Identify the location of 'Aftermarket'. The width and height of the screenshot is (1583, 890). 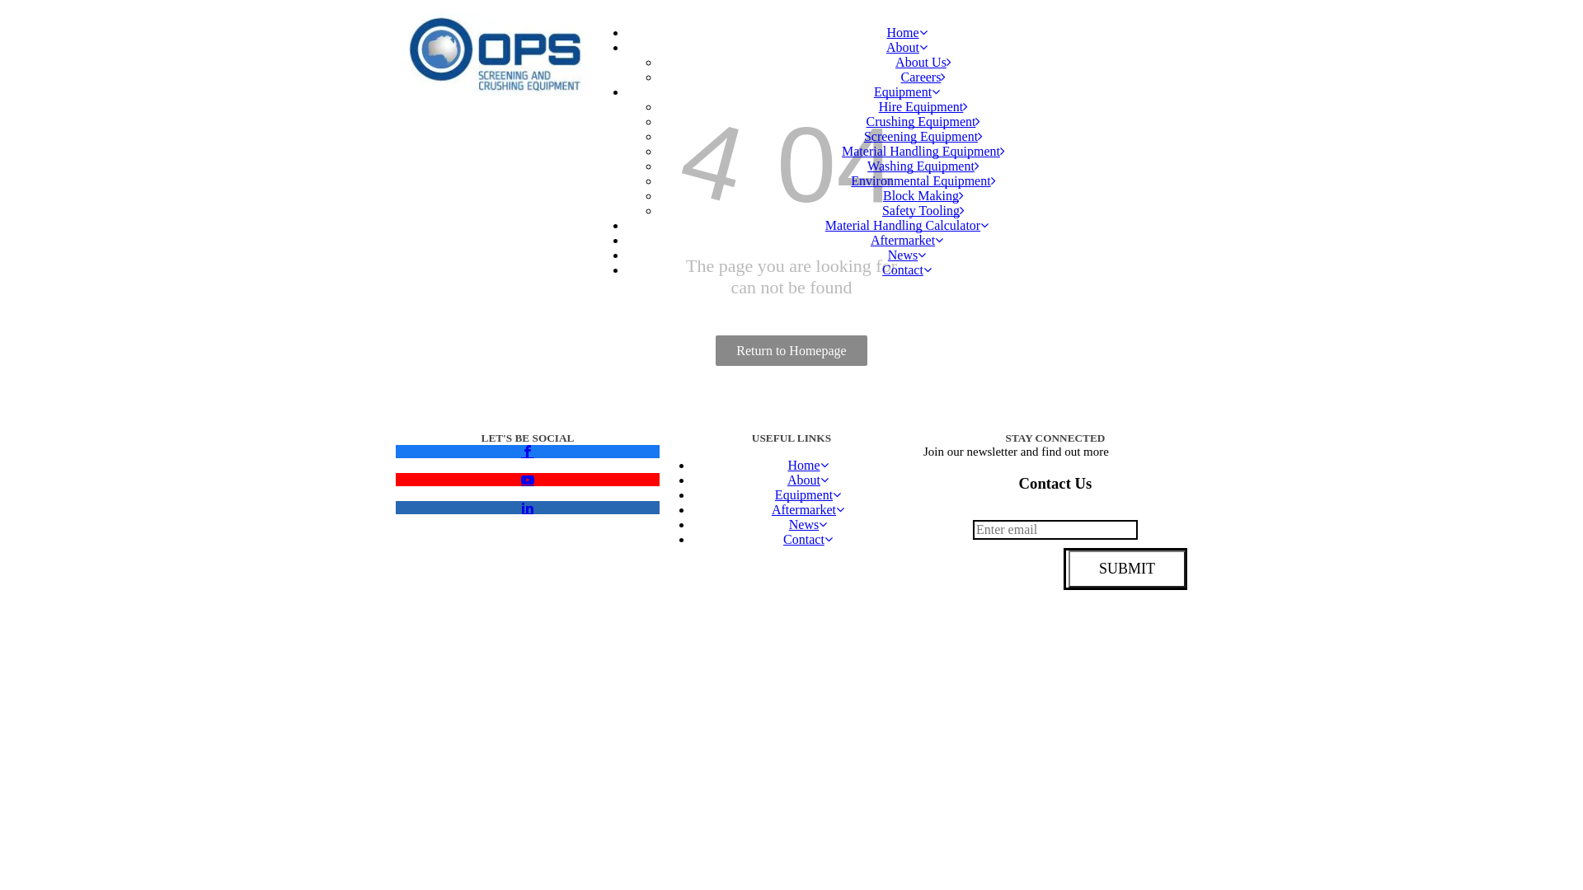
(807, 508).